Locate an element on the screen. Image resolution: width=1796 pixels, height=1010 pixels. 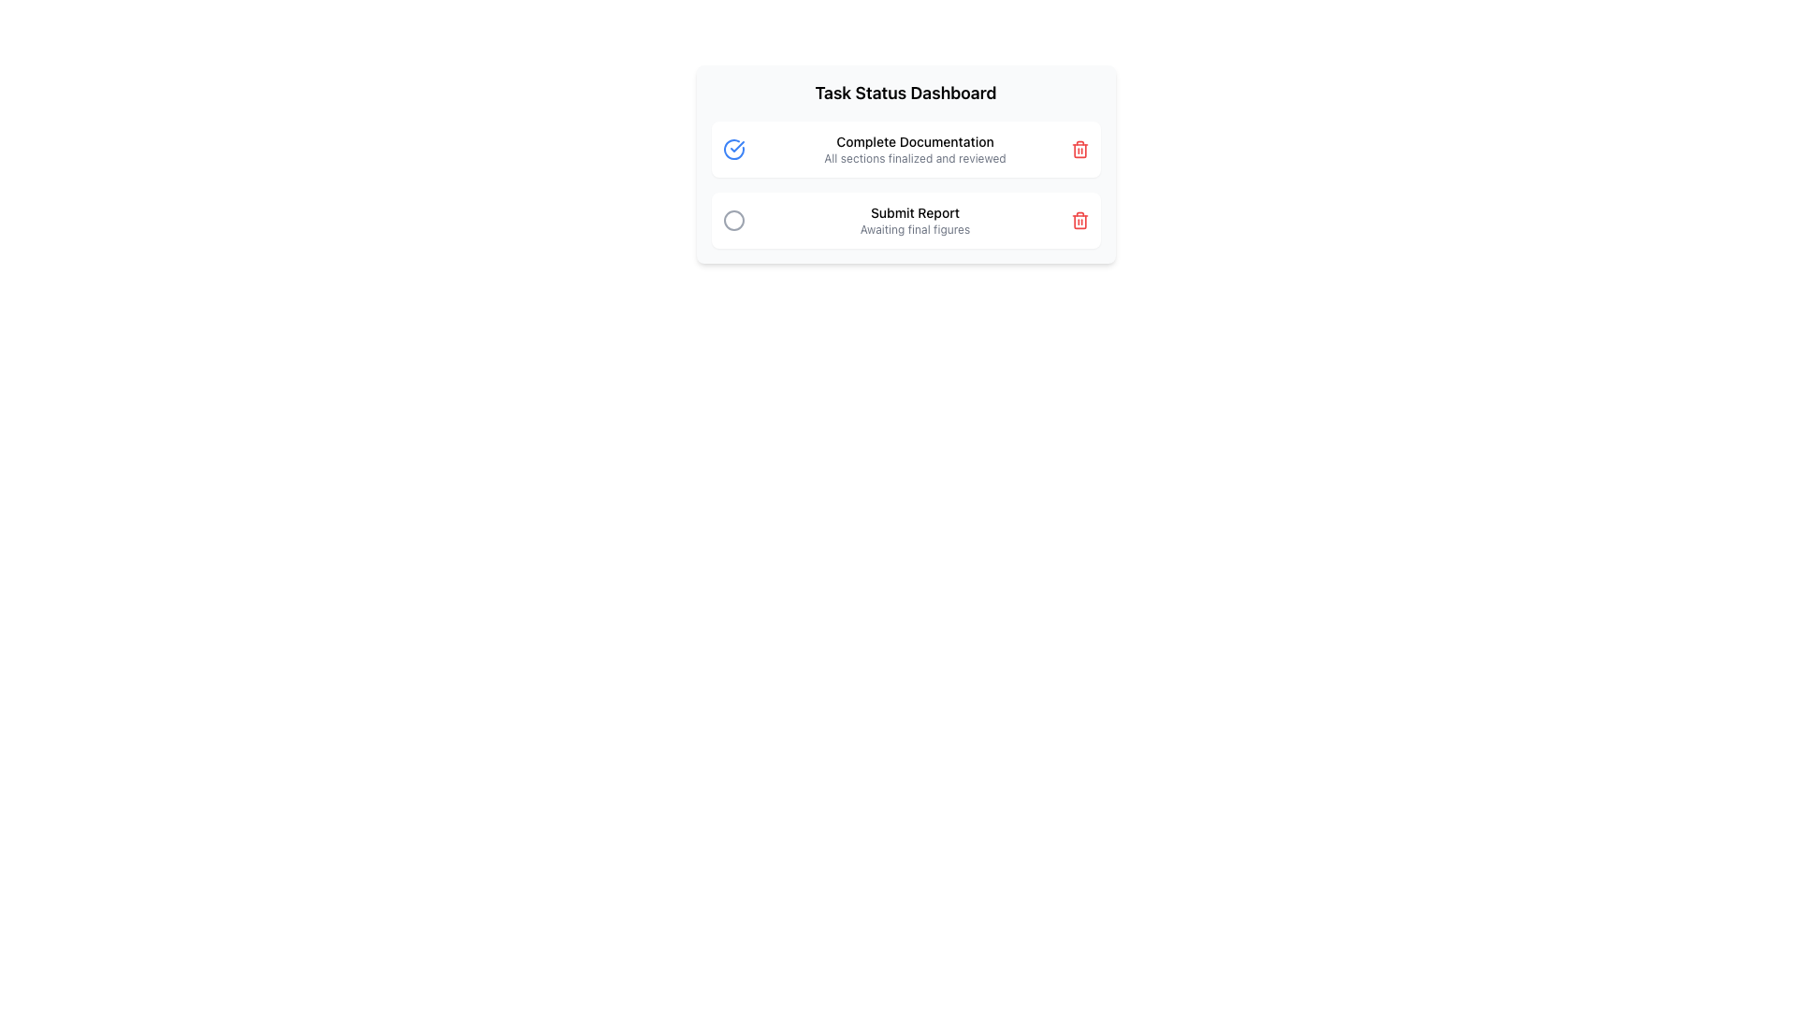
the first card in the 'Task Status Dashboard' with the primary text 'Complete Documentation' and secondary text 'All sections finalized and reviewed' is located at coordinates (905, 148).